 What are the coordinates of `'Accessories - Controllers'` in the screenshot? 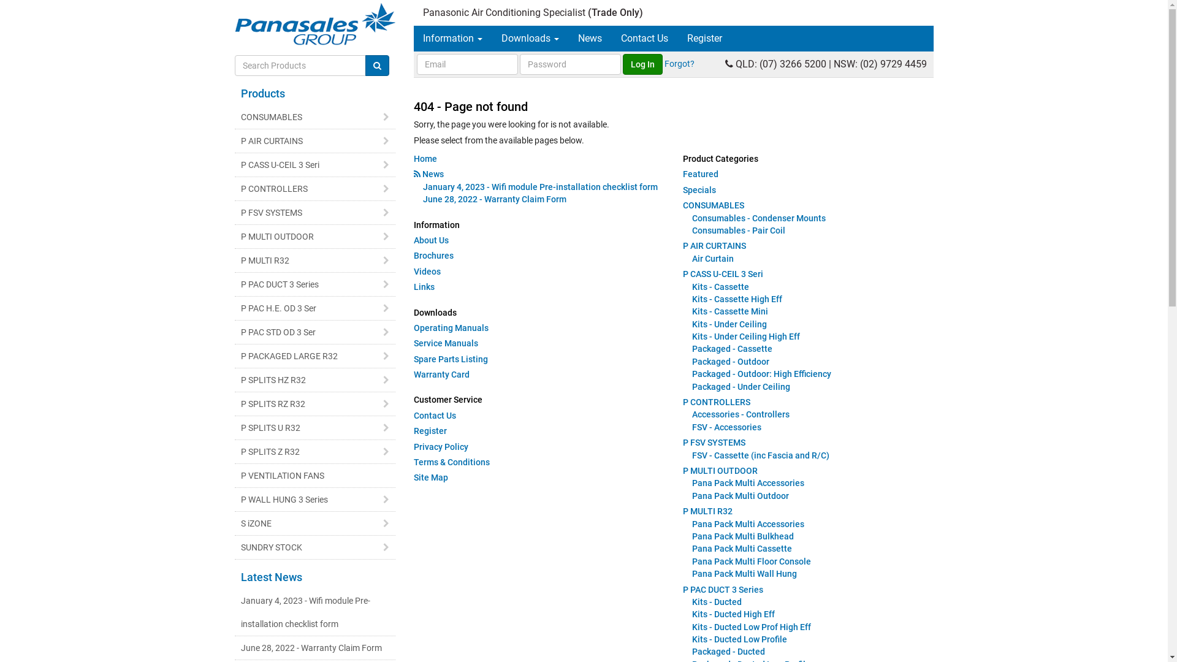 It's located at (691, 414).